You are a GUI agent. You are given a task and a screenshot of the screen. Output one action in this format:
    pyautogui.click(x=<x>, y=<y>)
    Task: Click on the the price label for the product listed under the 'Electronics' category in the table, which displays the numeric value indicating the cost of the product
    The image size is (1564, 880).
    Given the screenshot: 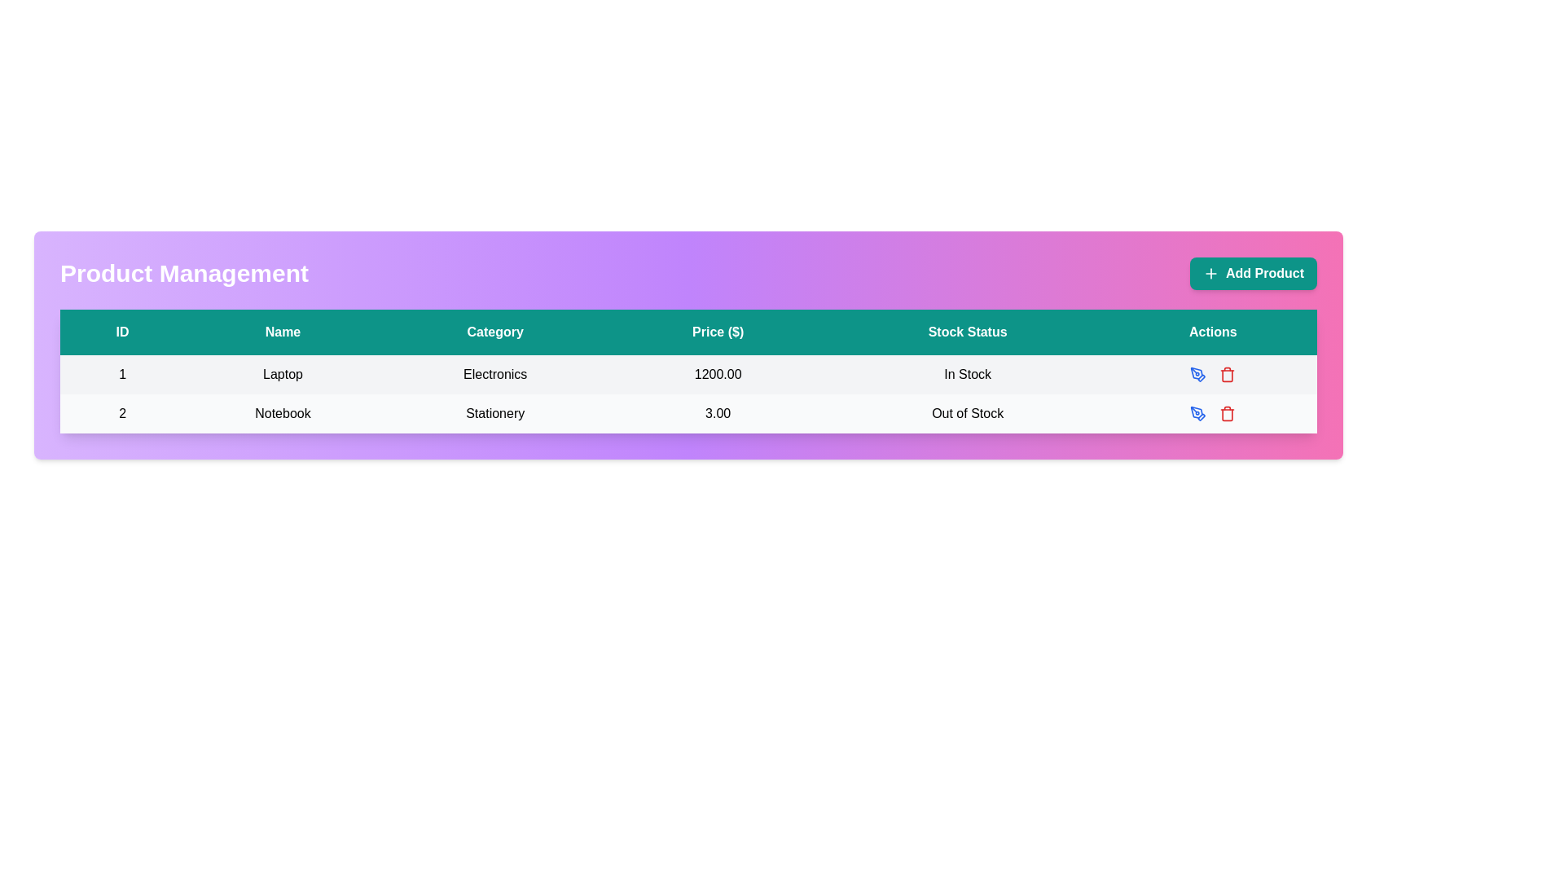 What is the action you would take?
    pyautogui.click(x=717, y=374)
    